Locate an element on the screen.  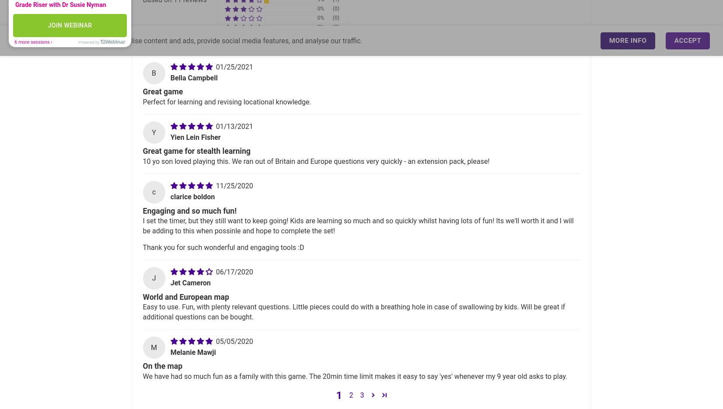
'clarice boldon' is located at coordinates (169, 196).